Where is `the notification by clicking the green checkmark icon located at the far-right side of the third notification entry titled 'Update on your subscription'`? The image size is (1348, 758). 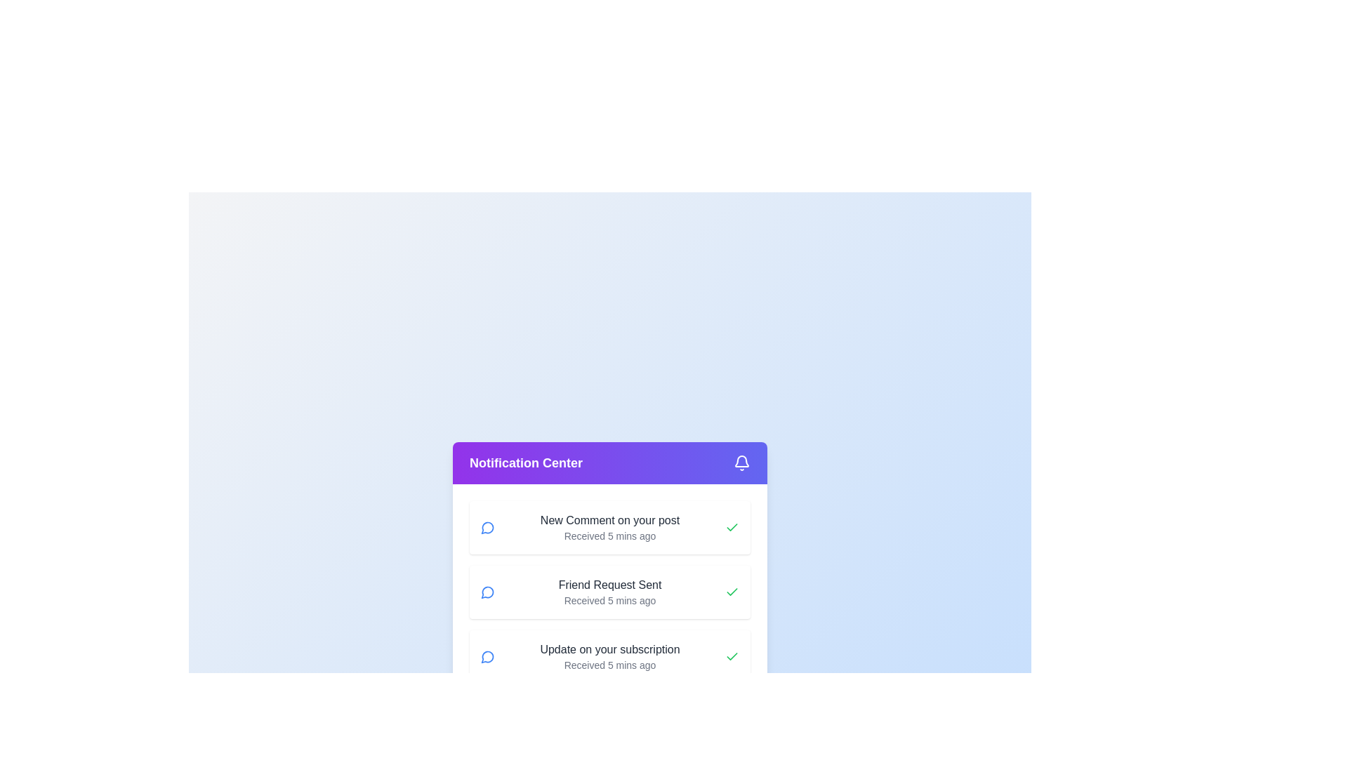
the notification by clicking the green checkmark icon located at the far-right side of the third notification entry titled 'Update on your subscription' is located at coordinates (731, 657).